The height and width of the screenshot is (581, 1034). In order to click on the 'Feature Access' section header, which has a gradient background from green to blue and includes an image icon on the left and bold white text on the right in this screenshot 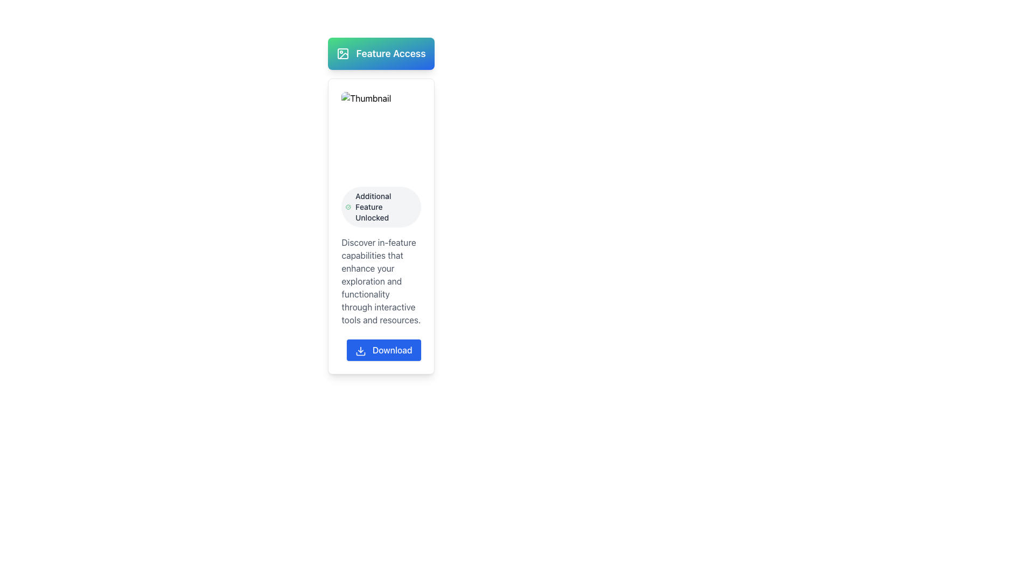, I will do `click(381, 54)`.